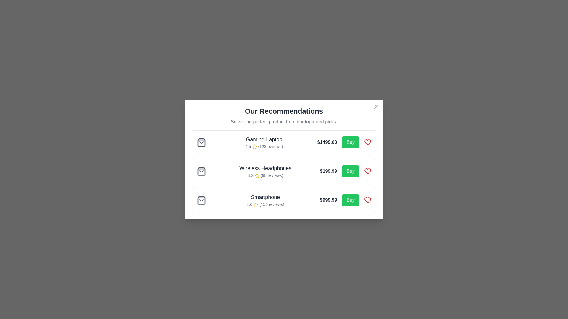 The width and height of the screenshot is (568, 319). I want to click on the Informational Display element for the 'Smartphone' located in the third row under 'Our Recommendations' to access more details, so click(265, 200).